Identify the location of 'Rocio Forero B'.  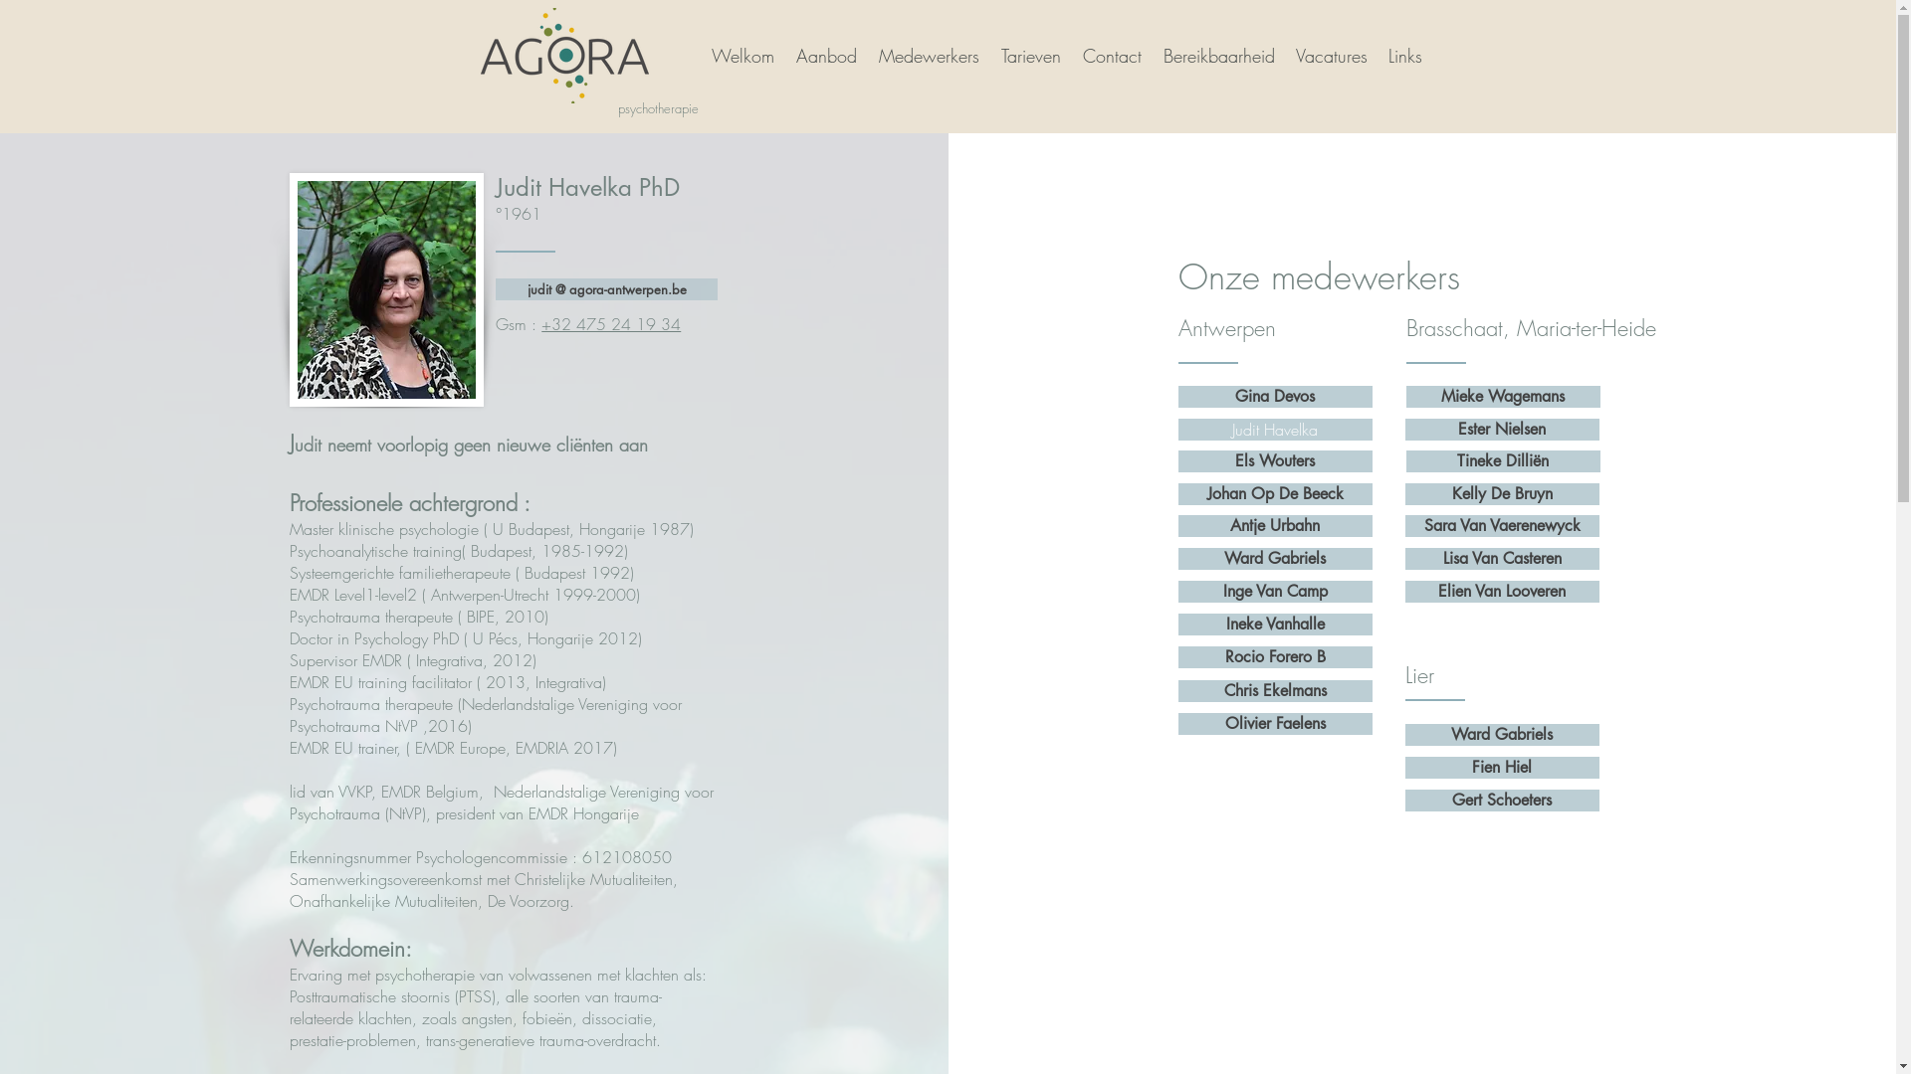
(1275, 656).